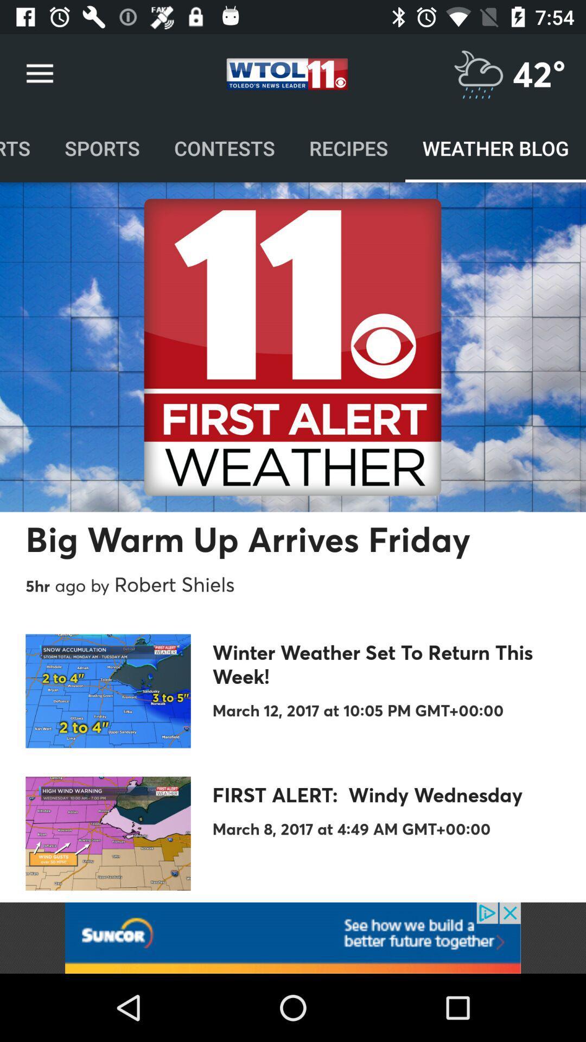  What do you see at coordinates (293, 937) in the screenshot?
I see `follow the banner` at bounding box center [293, 937].